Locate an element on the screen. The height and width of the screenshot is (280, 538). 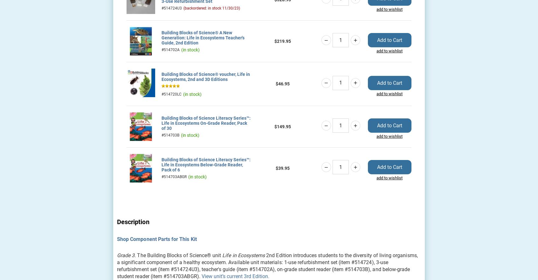
'Shop Component Parts for This Kit' is located at coordinates (156, 238).